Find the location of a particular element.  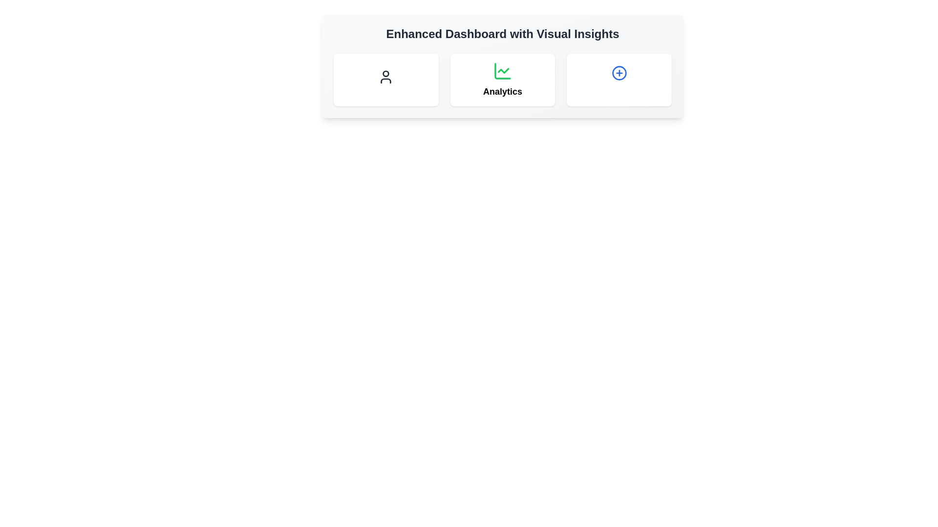

the user profile button is located at coordinates (385, 112).